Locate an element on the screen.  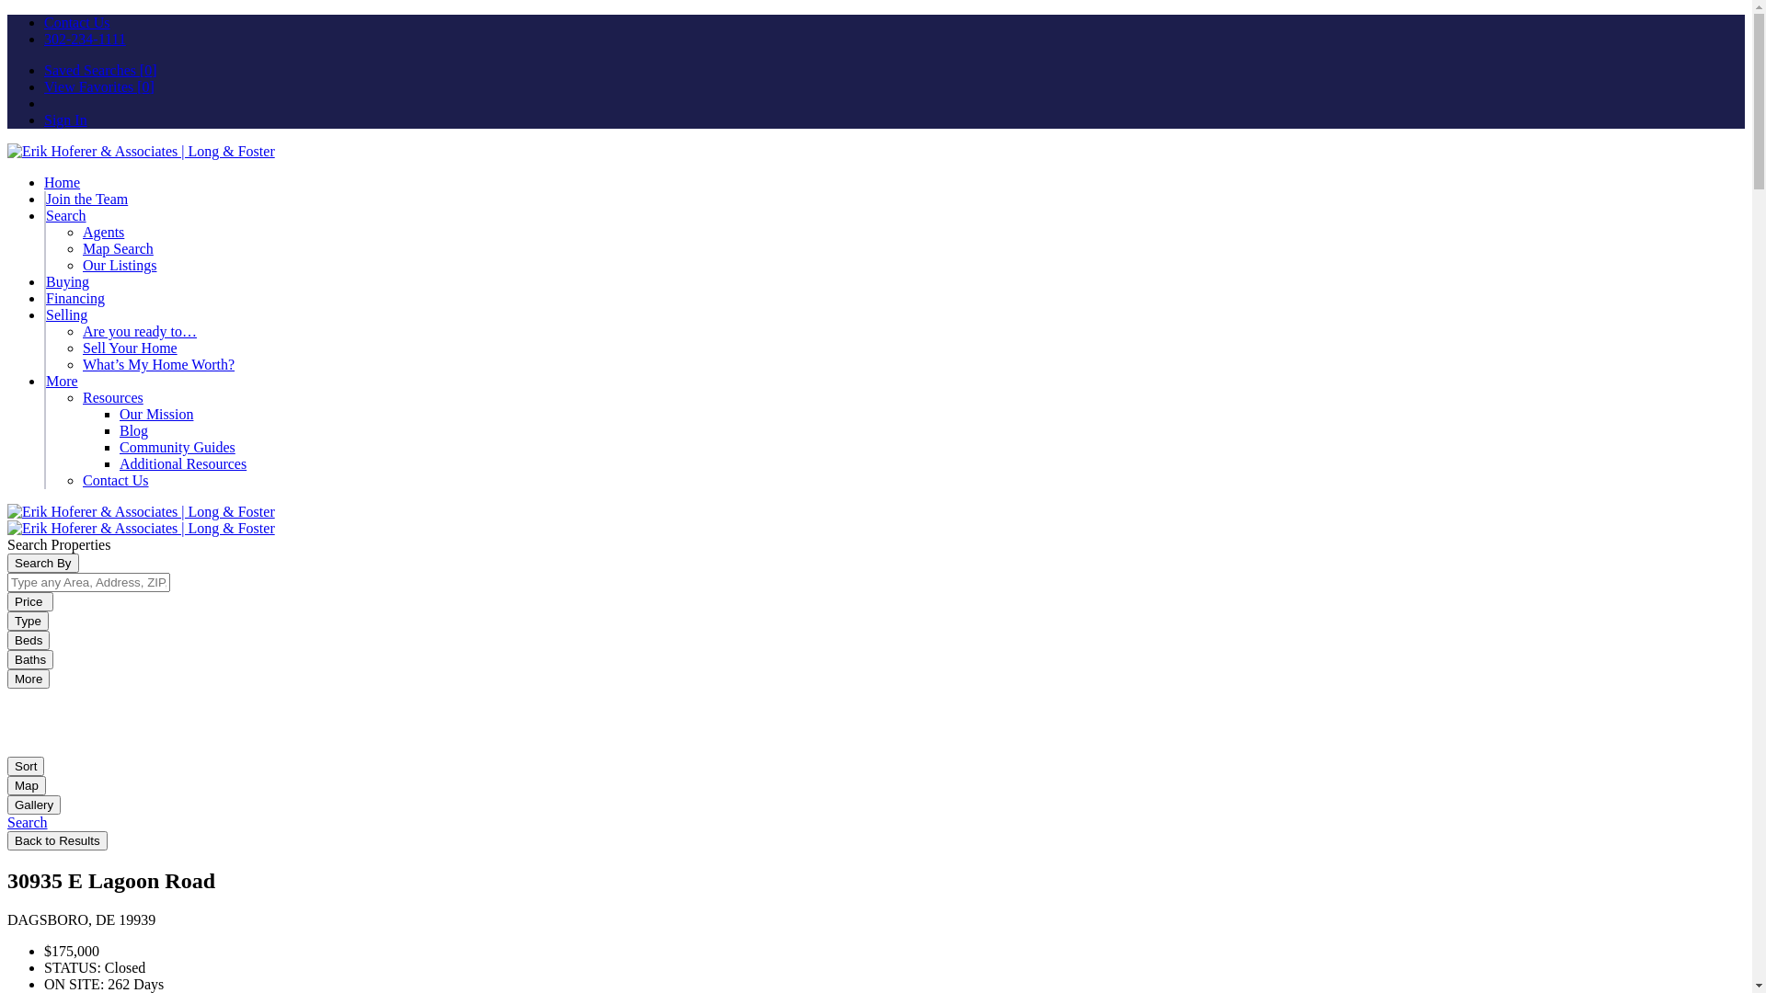
'Search' is located at coordinates (66, 214).